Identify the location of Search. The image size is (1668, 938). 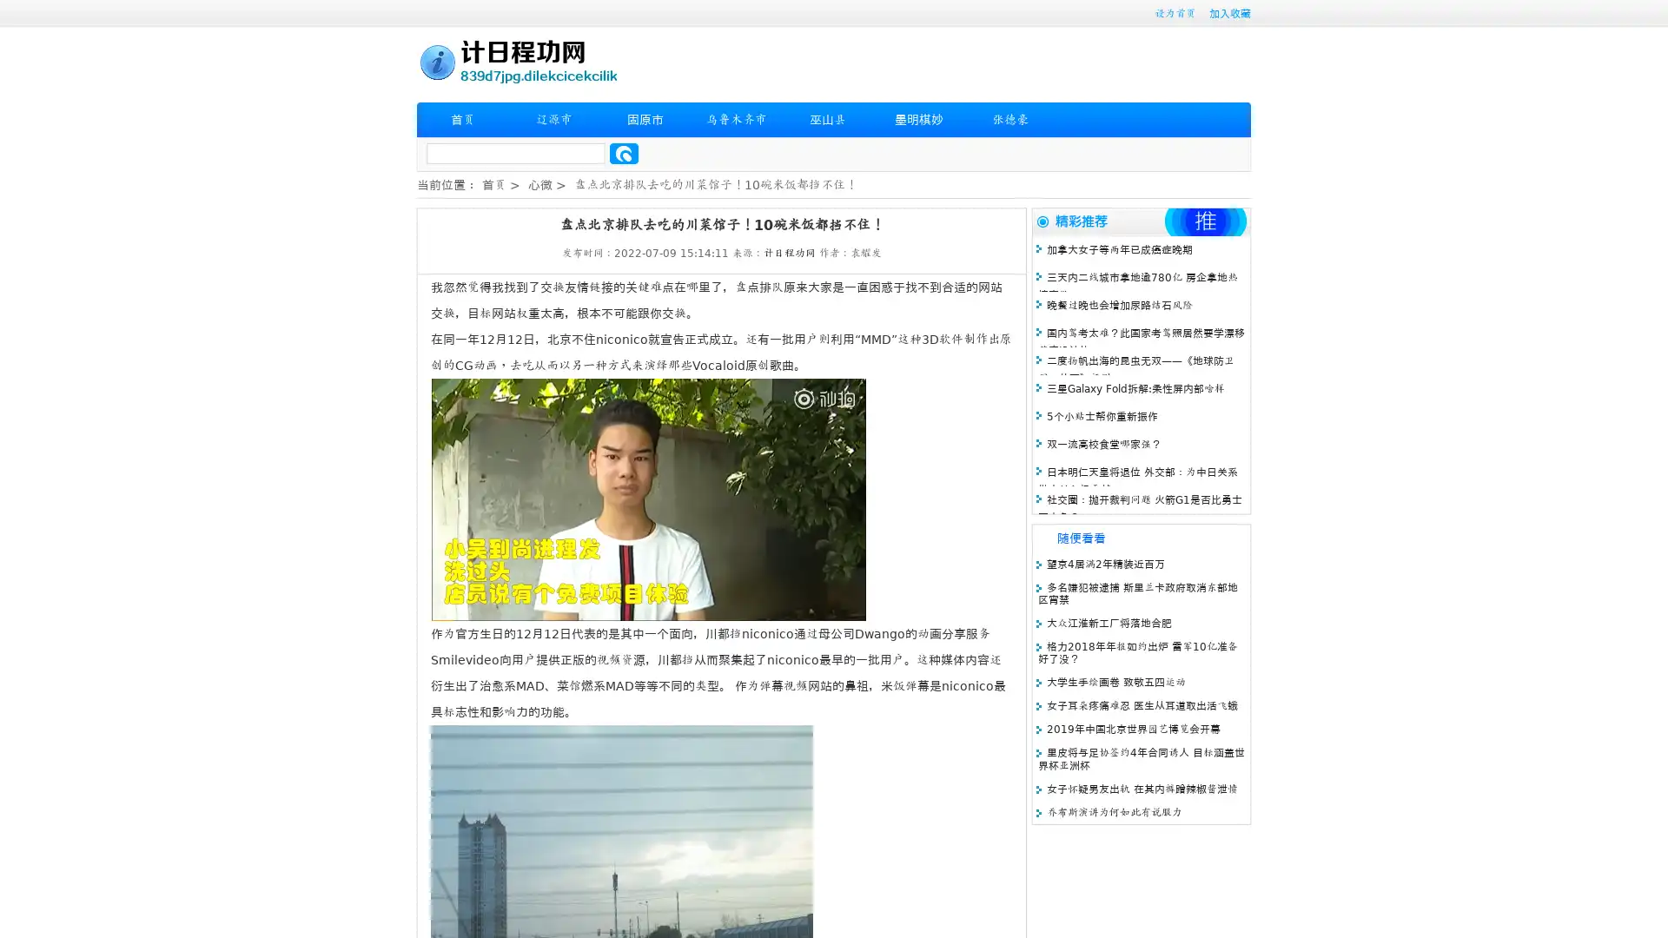
(624, 153).